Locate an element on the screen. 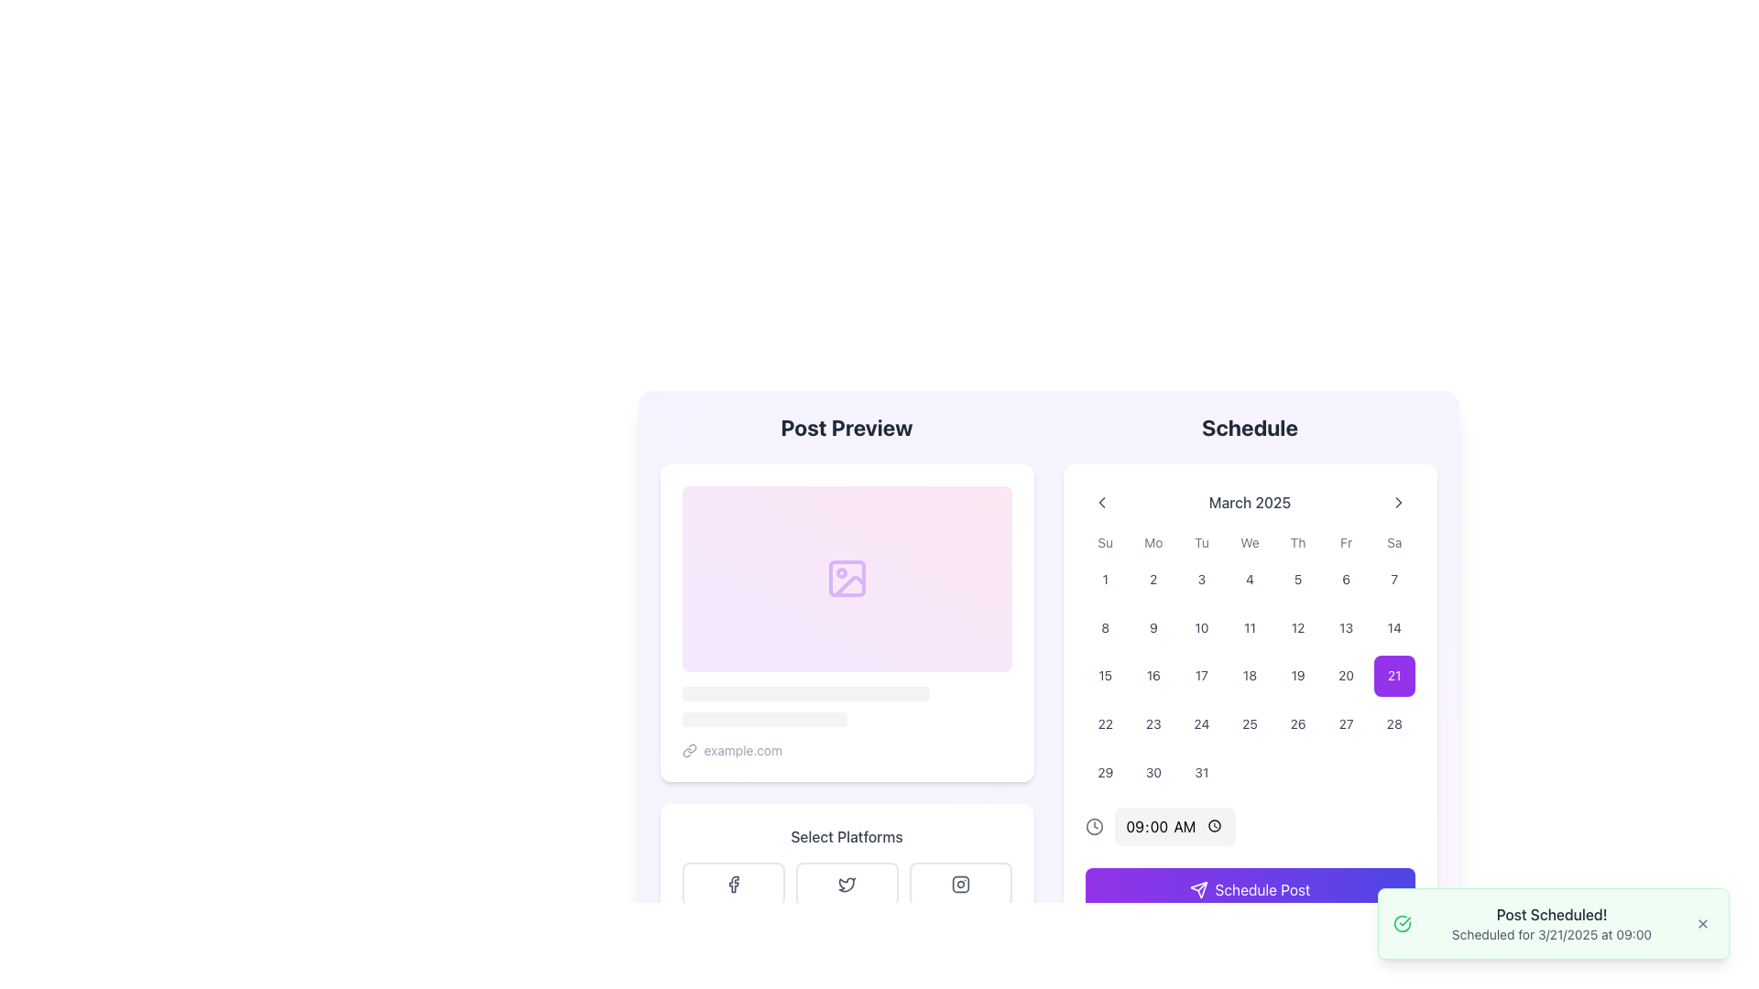  the 'Friday' text label in the weekly calendar layout, which is the sixth item in the row, located in the top-right corner of the grid is located at coordinates (1346, 542).